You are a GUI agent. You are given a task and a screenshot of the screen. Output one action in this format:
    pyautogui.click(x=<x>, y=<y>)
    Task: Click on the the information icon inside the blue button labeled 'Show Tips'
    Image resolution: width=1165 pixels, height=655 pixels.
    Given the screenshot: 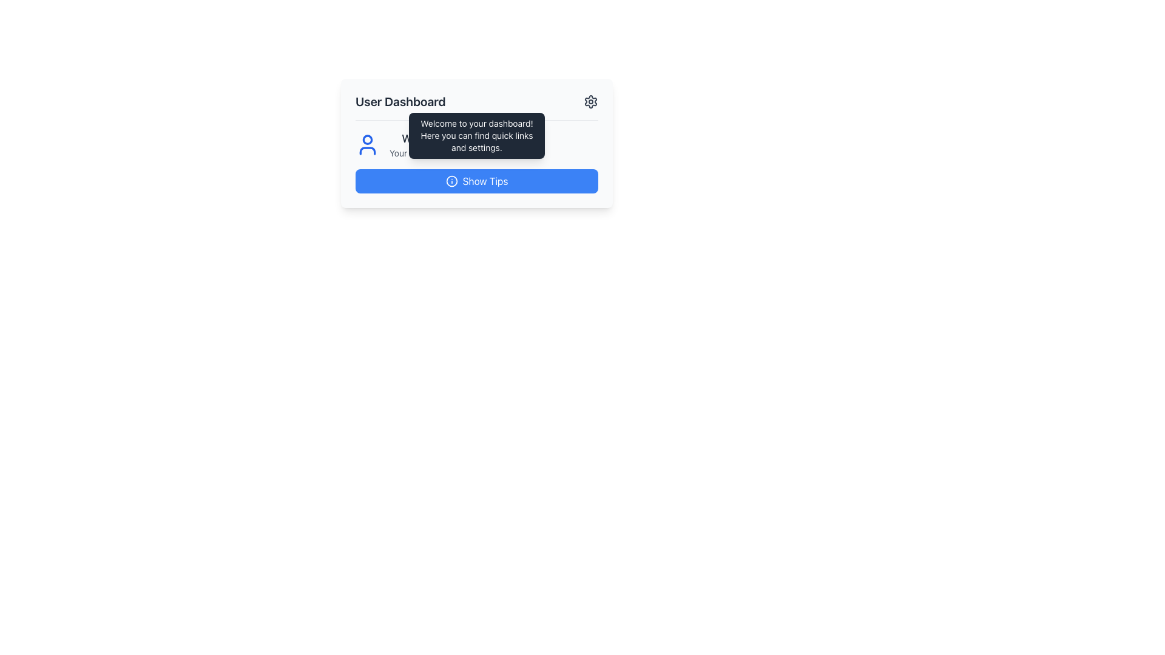 What is the action you would take?
    pyautogui.click(x=451, y=181)
    